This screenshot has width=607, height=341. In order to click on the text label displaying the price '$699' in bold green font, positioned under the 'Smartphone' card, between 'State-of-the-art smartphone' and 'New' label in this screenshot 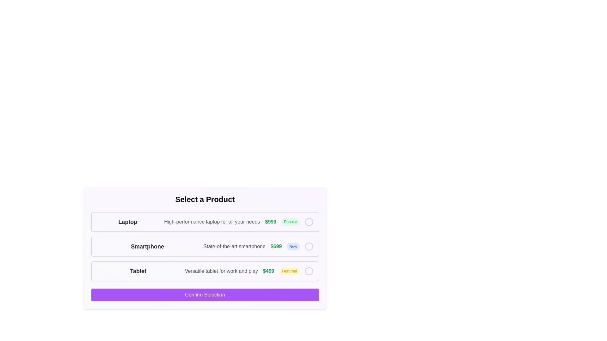, I will do `click(276, 246)`.